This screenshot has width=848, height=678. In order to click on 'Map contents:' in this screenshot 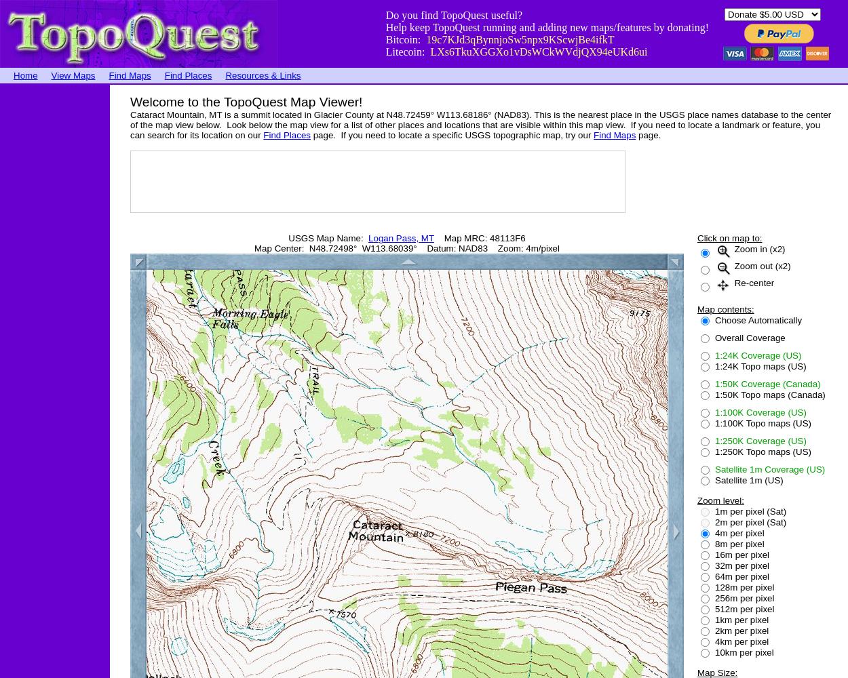, I will do `click(725, 308)`.